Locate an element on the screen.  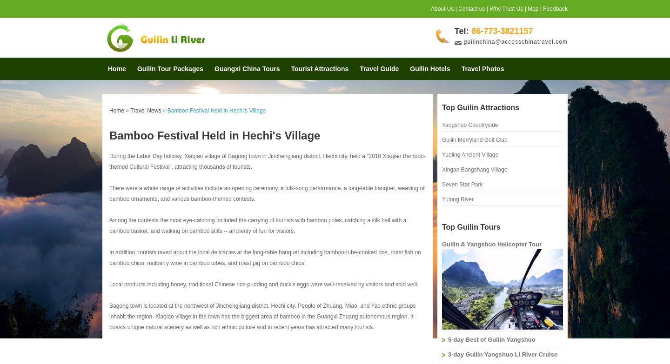
'Among the contests the most eye-catching included the carrying of tourists with bamboo poles, catching a silk ball with a bamboo basket, and walking on bamboo stilts -- all plenty of fun for visitors.' is located at coordinates (257, 225).